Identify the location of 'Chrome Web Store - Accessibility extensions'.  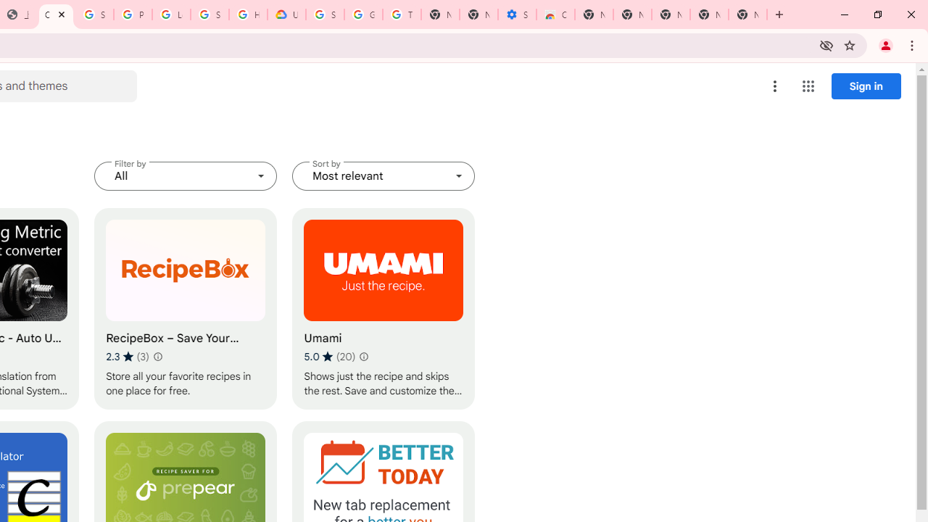
(555, 14).